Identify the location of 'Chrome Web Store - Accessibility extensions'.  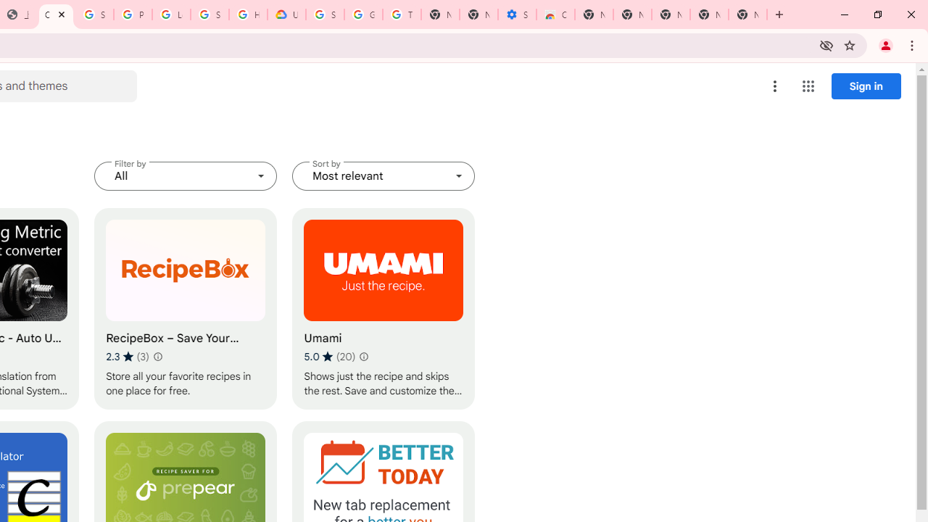
(555, 14).